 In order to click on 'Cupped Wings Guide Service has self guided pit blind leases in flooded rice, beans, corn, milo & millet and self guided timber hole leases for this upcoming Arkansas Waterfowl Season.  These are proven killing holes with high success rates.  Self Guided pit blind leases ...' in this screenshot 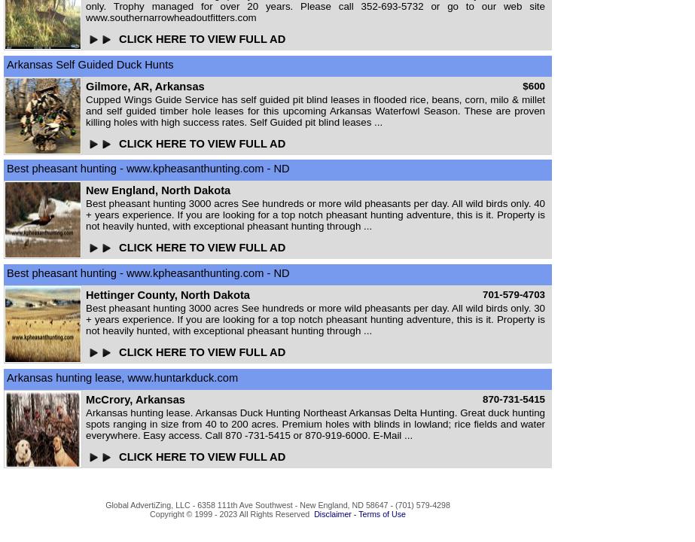, I will do `click(315, 109)`.